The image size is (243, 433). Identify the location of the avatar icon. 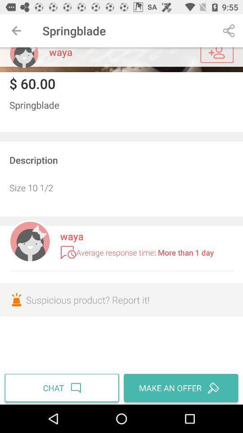
(24, 57).